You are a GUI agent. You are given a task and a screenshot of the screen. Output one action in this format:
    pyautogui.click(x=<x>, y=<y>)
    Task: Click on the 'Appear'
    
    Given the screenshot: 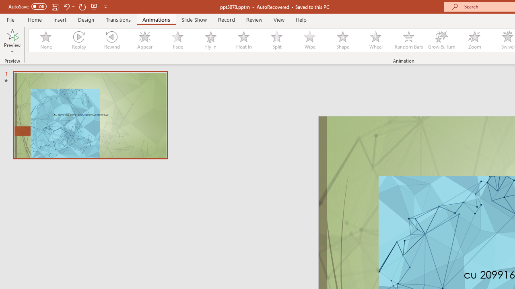 What is the action you would take?
    pyautogui.click(x=144, y=40)
    